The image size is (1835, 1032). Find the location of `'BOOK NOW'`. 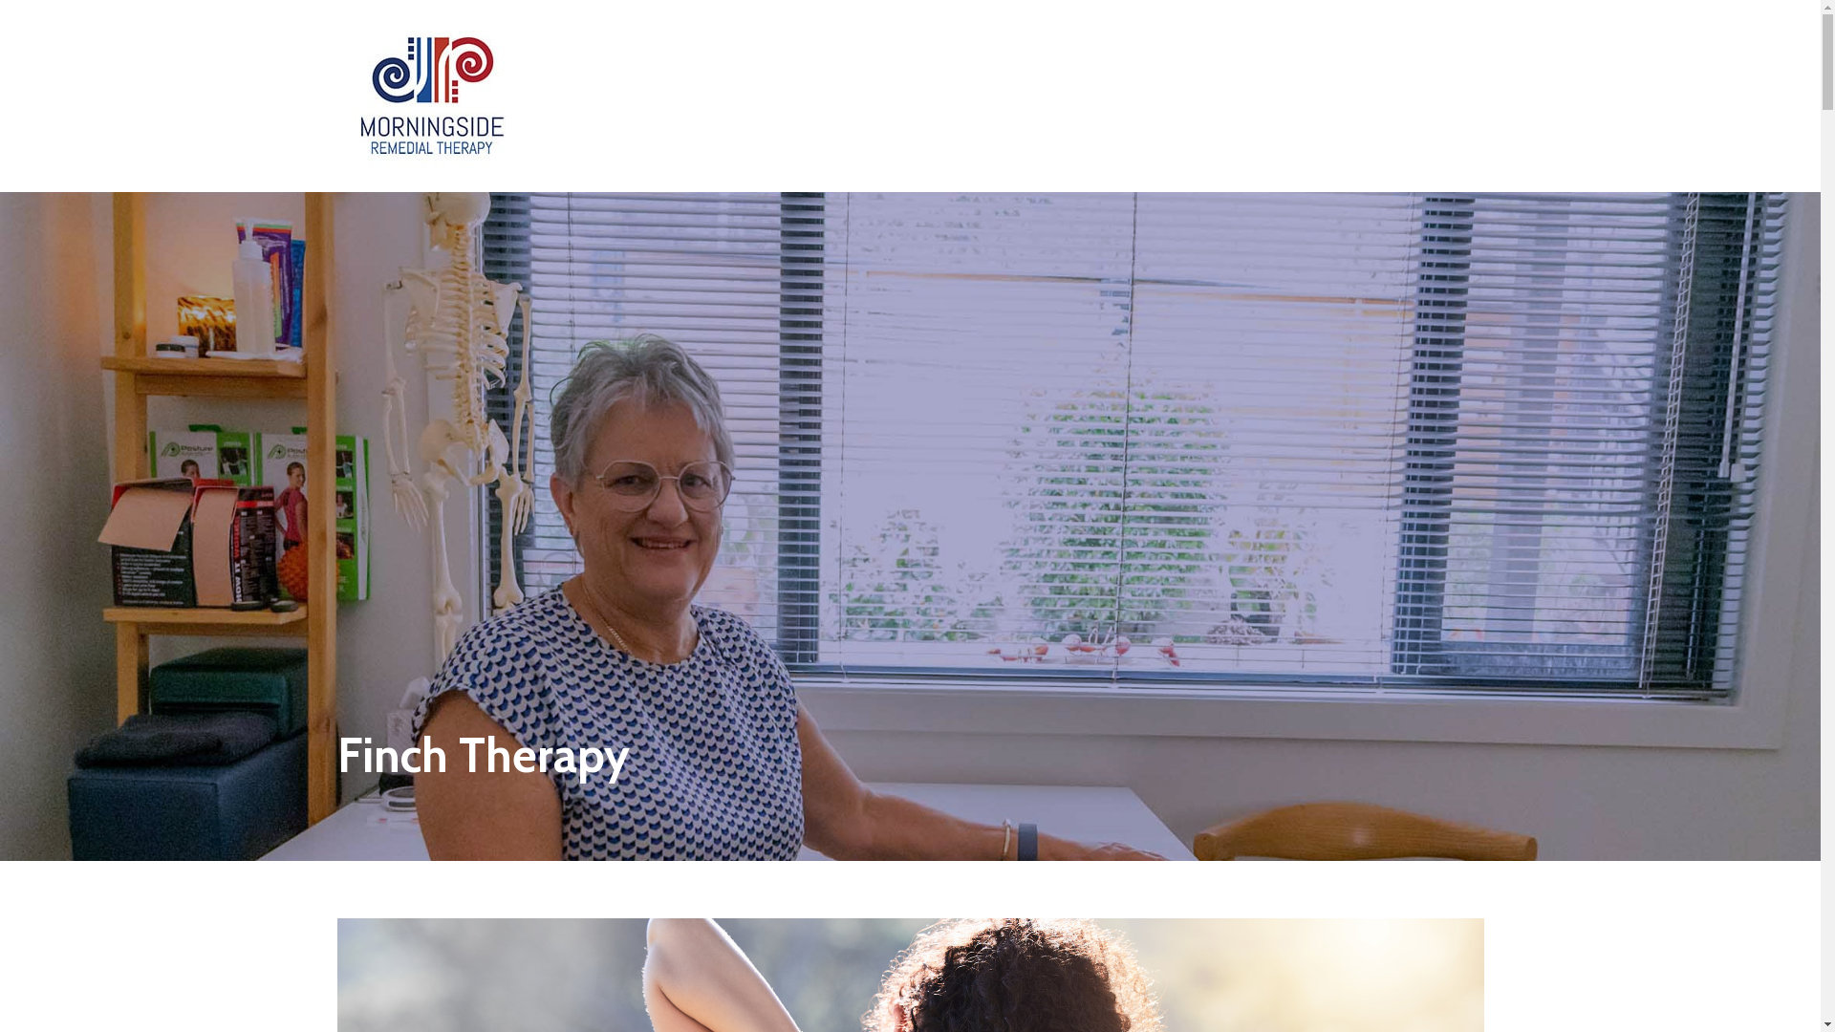

'BOOK NOW' is located at coordinates (1385, 43).